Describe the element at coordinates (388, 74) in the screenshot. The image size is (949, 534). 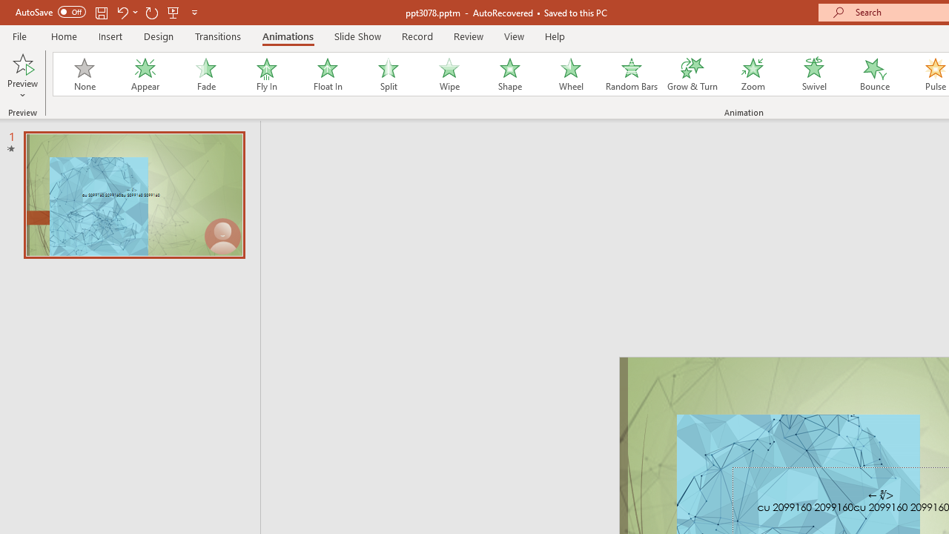
I see `'Split'` at that location.